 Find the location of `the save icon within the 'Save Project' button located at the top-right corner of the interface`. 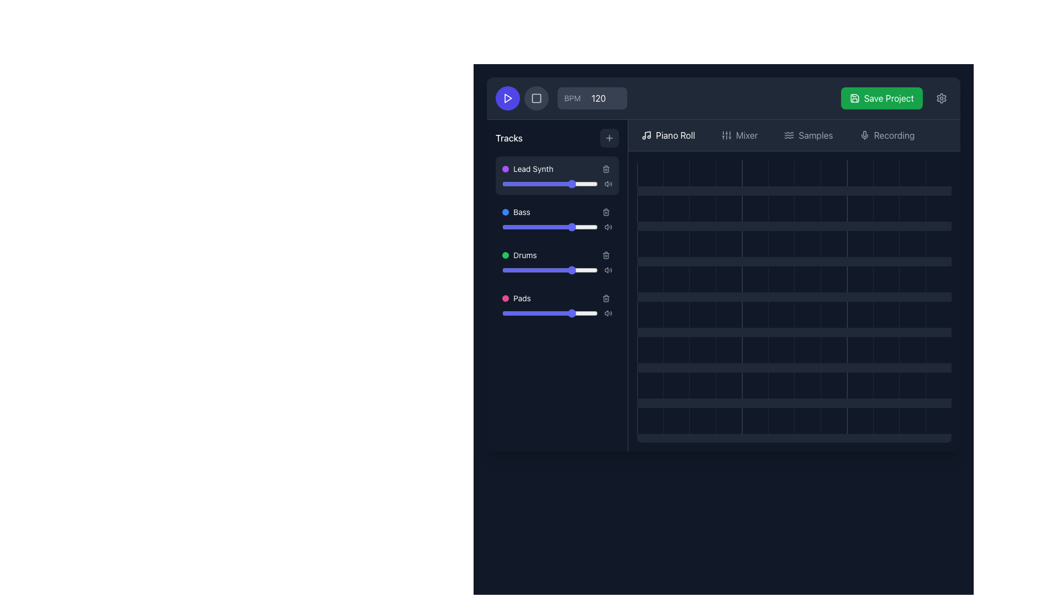

the save icon within the 'Save Project' button located at the top-right corner of the interface is located at coordinates (854, 97).